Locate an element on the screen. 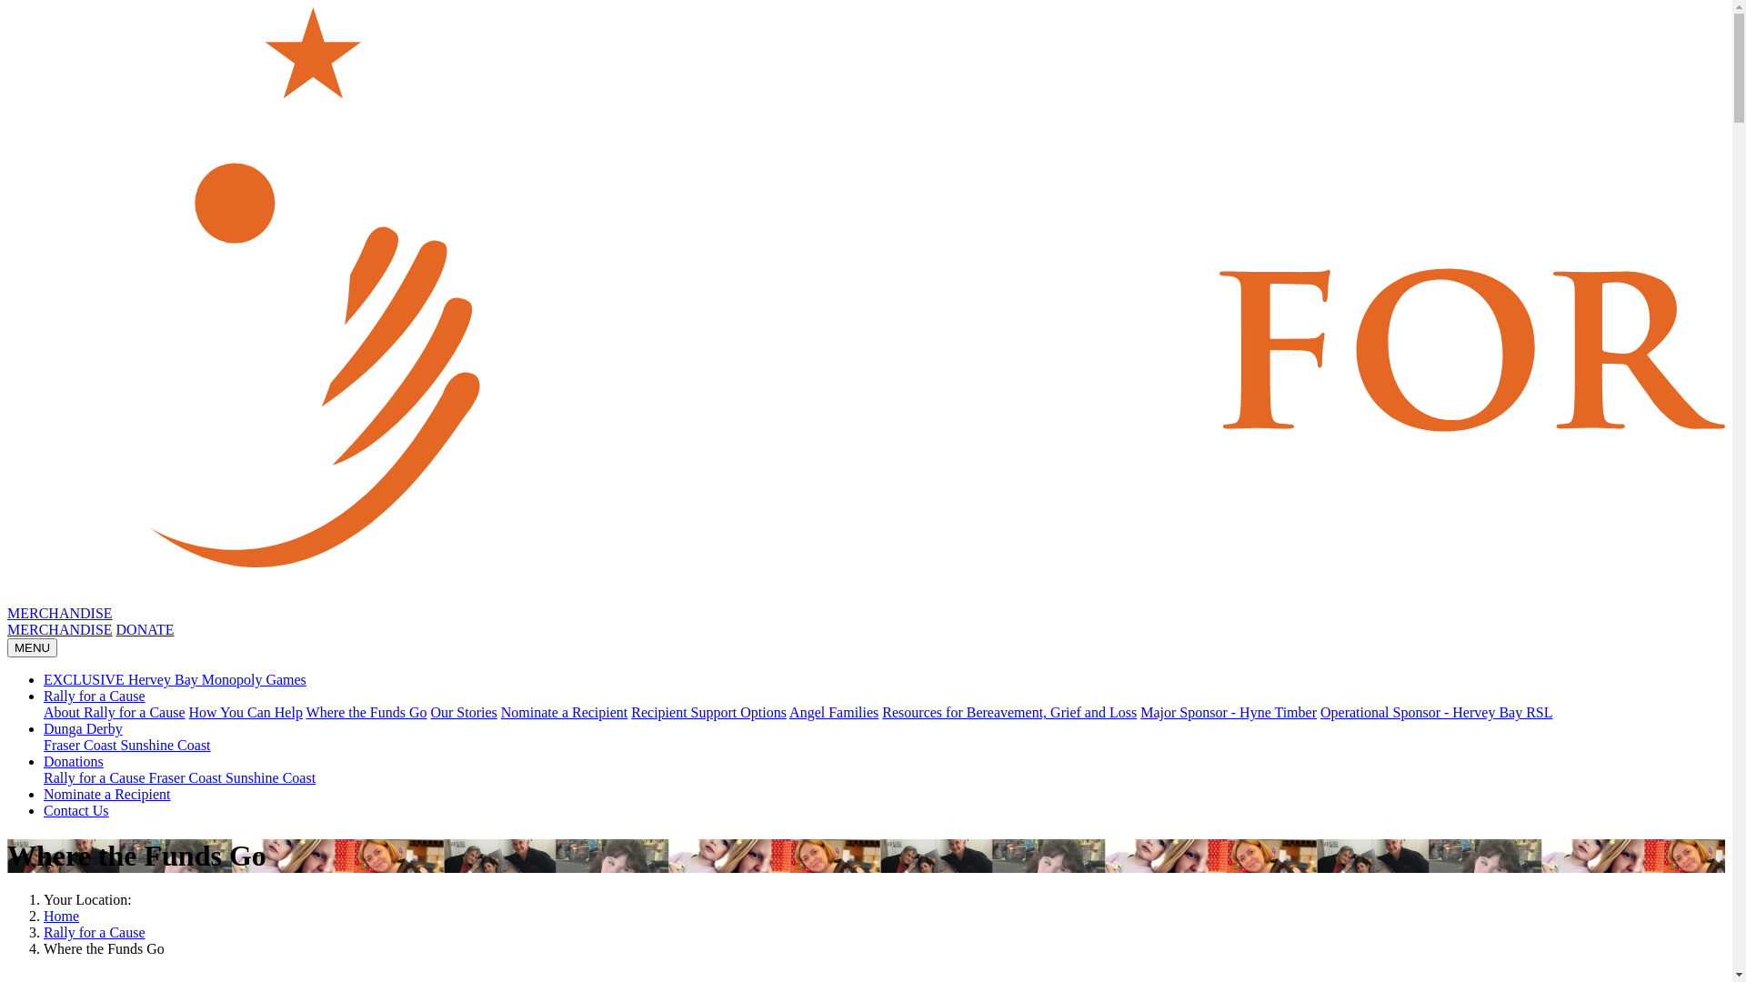 Image resolution: width=1746 pixels, height=982 pixels. 'Angel Families' is located at coordinates (832, 711).